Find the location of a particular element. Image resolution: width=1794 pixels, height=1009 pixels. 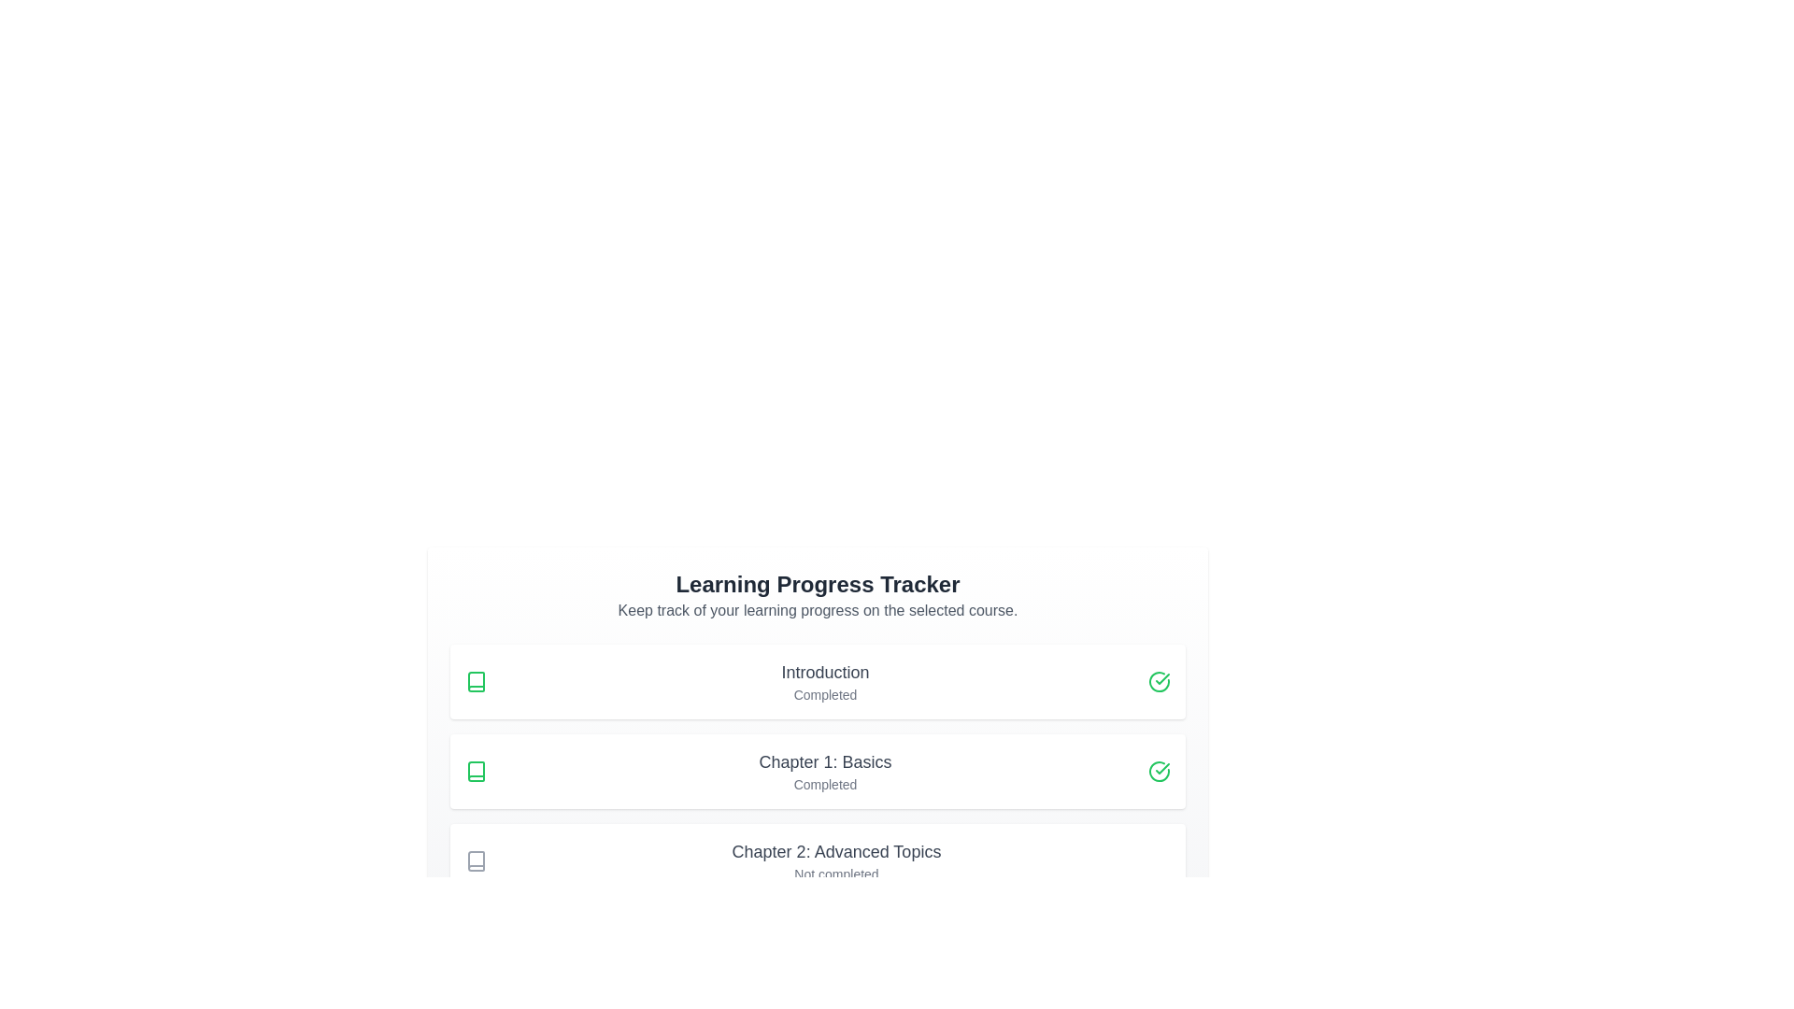

the text label 'Learning Progress Tracker' which is styled in bold and located at the top of its section, above the descriptive text is located at coordinates (818, 583).